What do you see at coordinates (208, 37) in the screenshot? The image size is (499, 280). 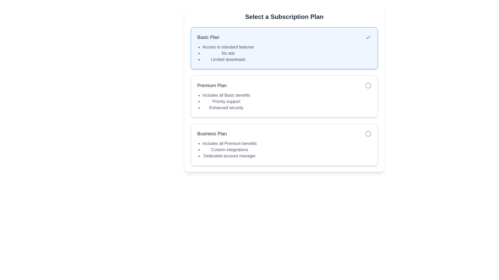 I see `text label 'Basic Plan' located on the left side of the subscription plan selection area, above the list of features, to understand the subscription title` at bounding box center [208, 37].